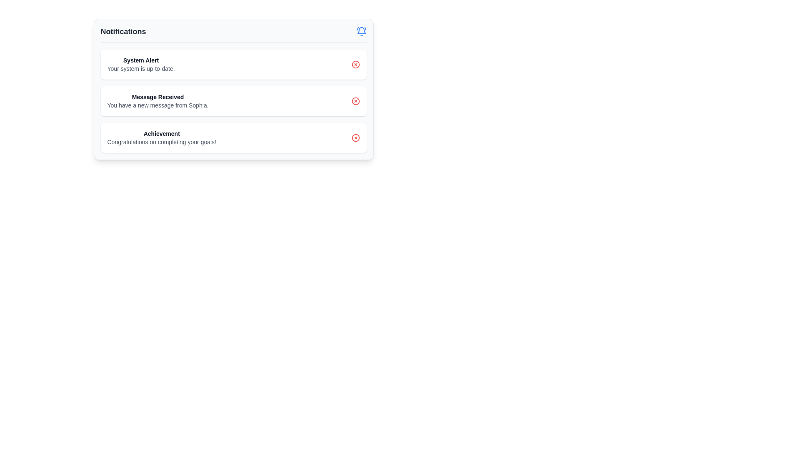 The image size is (800, 450). What do you see at coordinates (141, 68) in the screenshot?
I see `text label that indicates the system is up-to-date, located beneath the 'System Alert' title in the notification card` at bounding box center [141, 68].